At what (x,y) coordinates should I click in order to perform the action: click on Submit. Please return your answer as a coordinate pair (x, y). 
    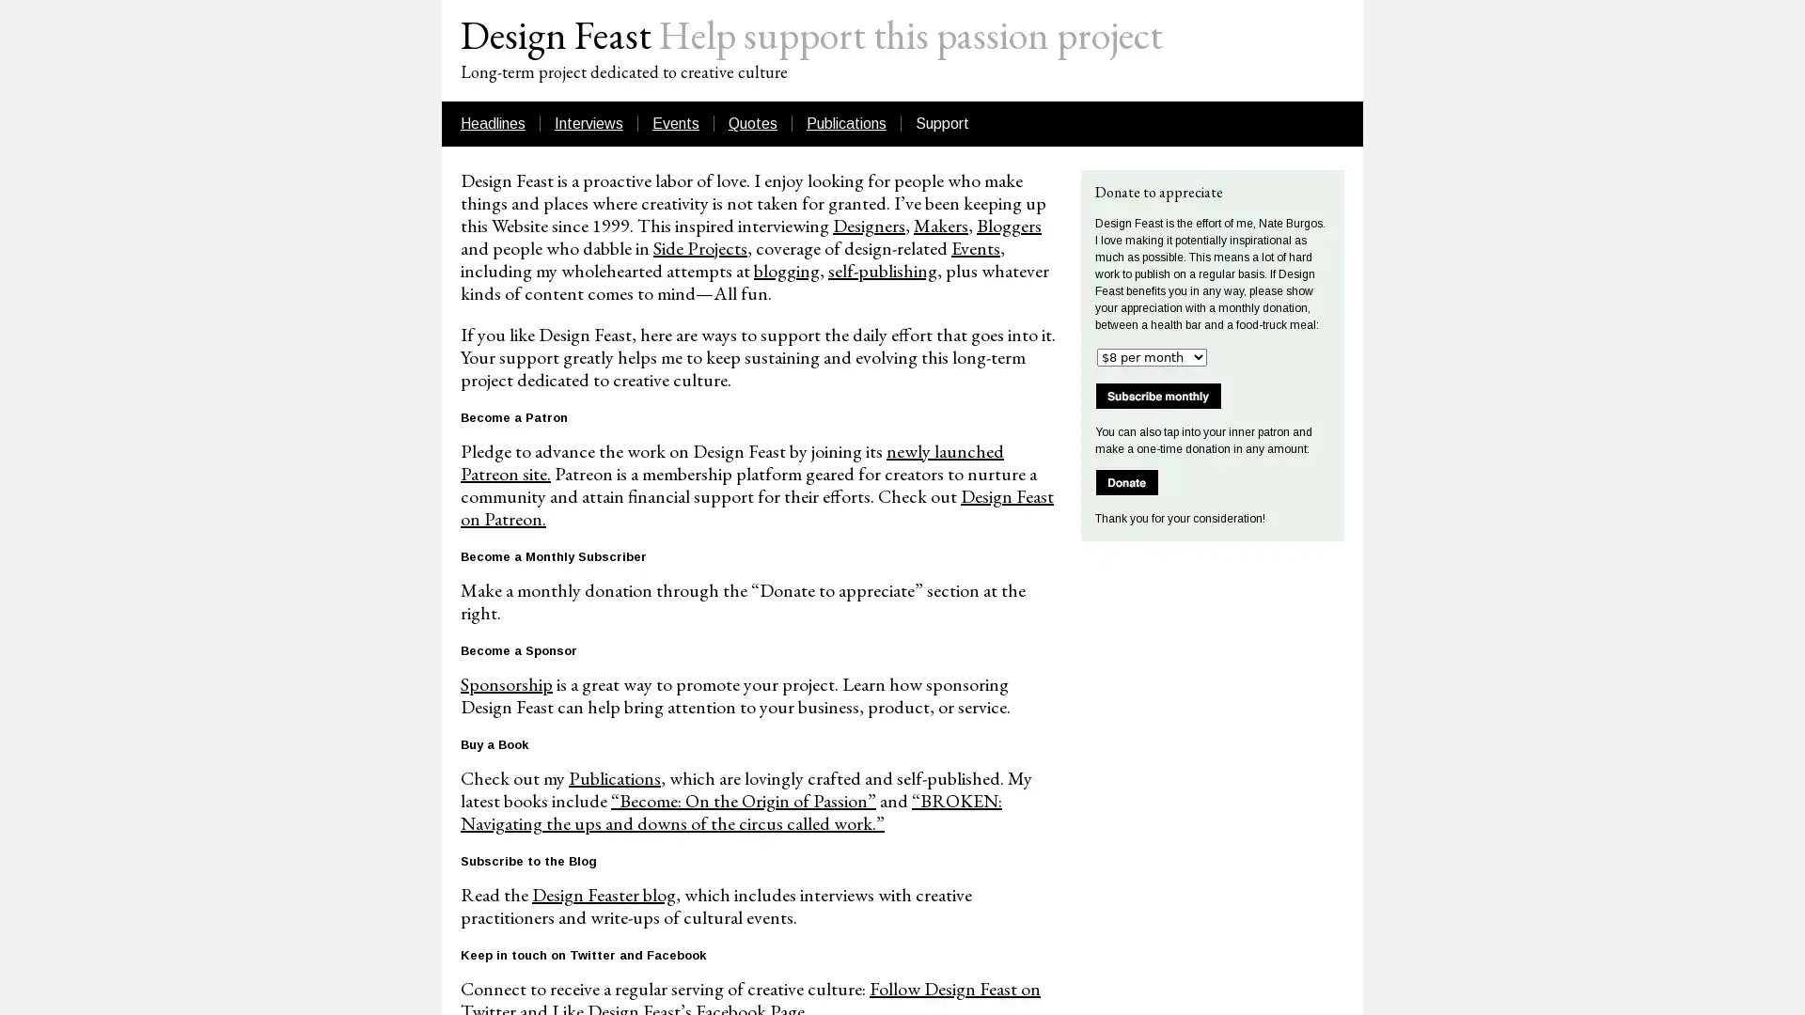
    Looking at the image, I should click on (1157, 395).